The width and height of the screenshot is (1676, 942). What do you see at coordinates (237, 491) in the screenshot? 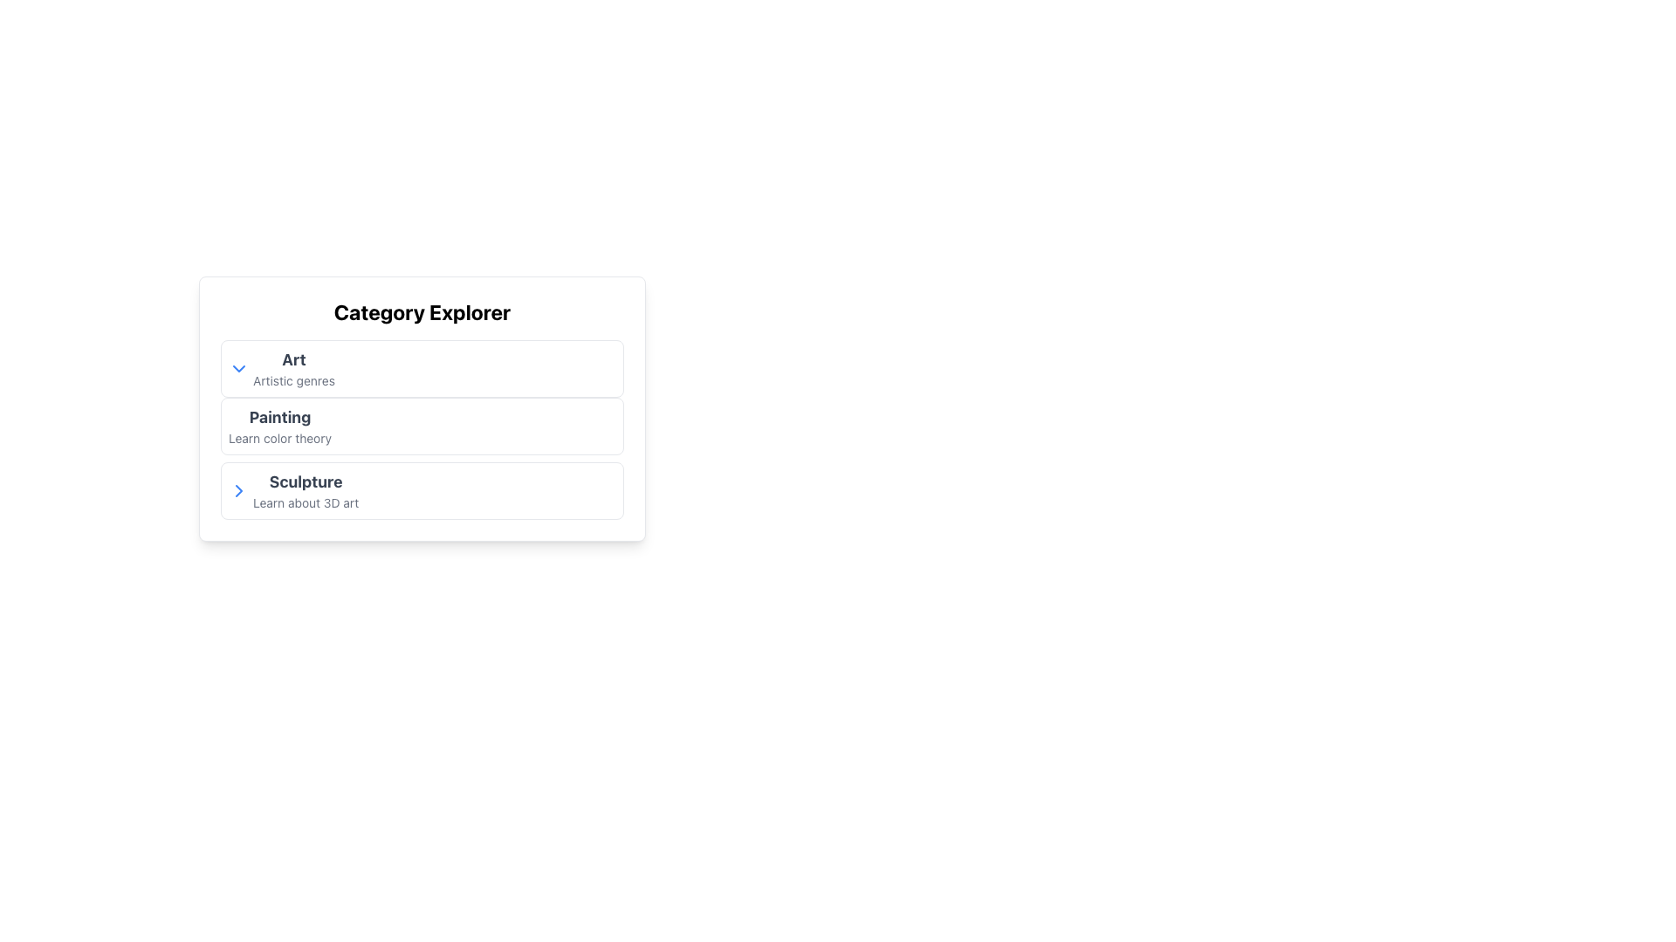
I see `the chevron-style arrow icon pointing to the right, which is blue and located in the 'Art' category under 'Category Explorer'` at bounding box center [237, 491].